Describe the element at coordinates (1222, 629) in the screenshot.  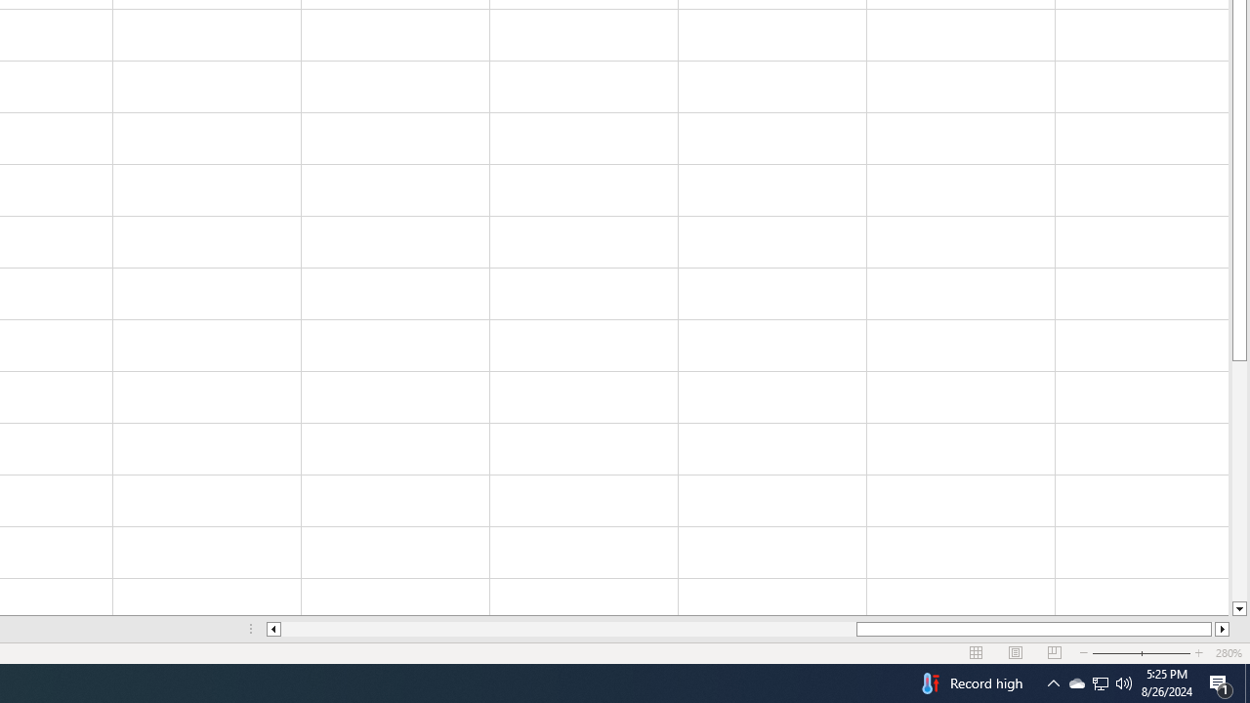
I see `'Column right'` at that location.